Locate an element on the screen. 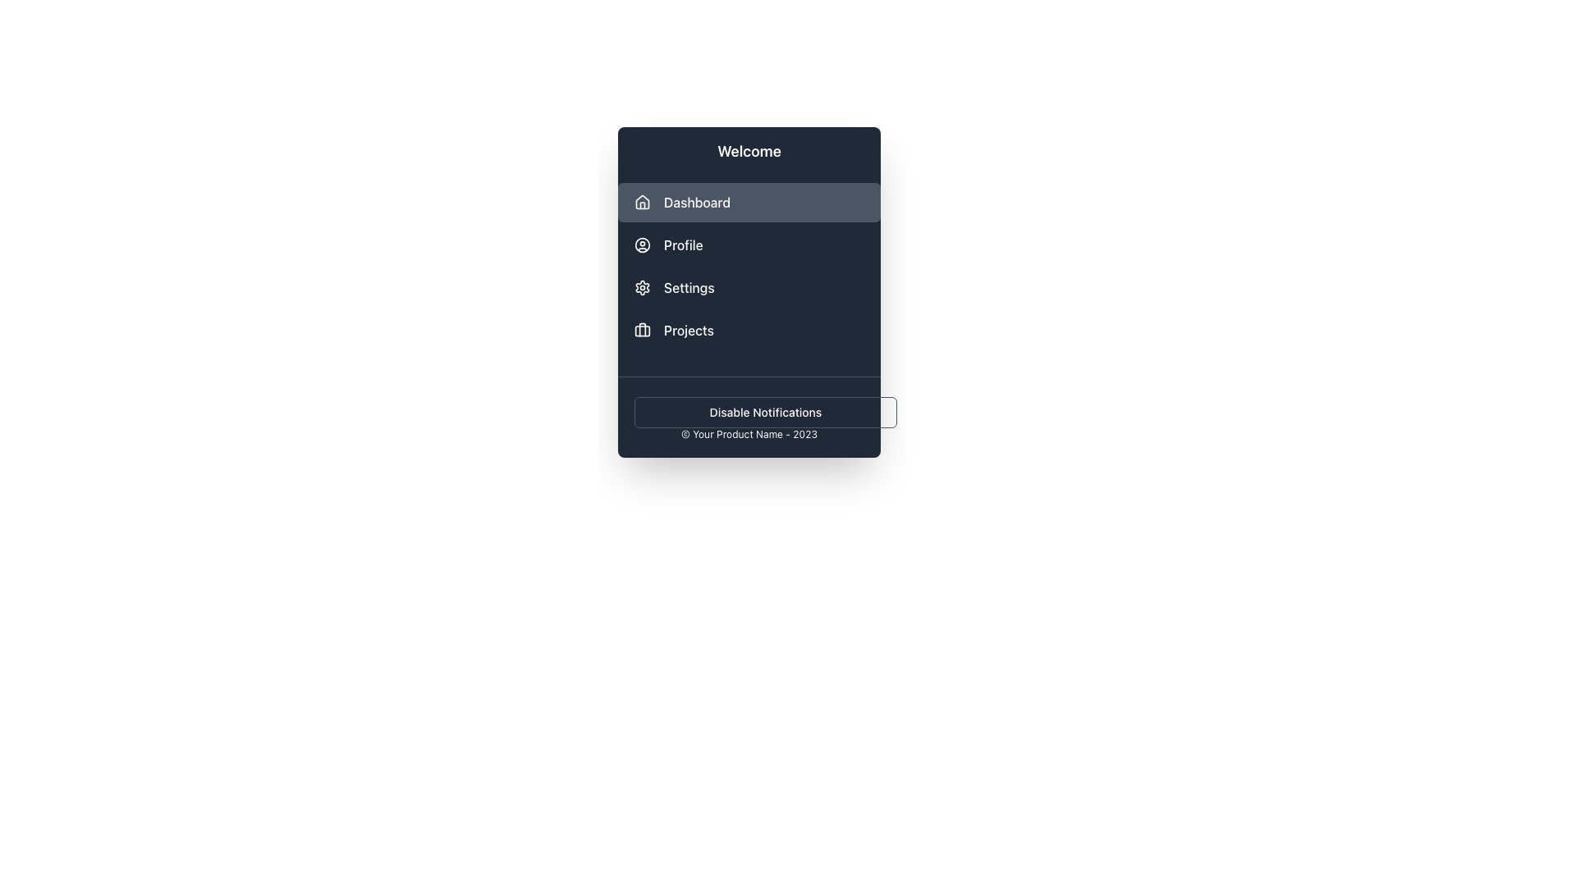 The image size is (1576, 886). the Text header that serves as a welcoming message for the menu, positioned at the topmost part of the vertical menu is located at coordinates (748, 152).